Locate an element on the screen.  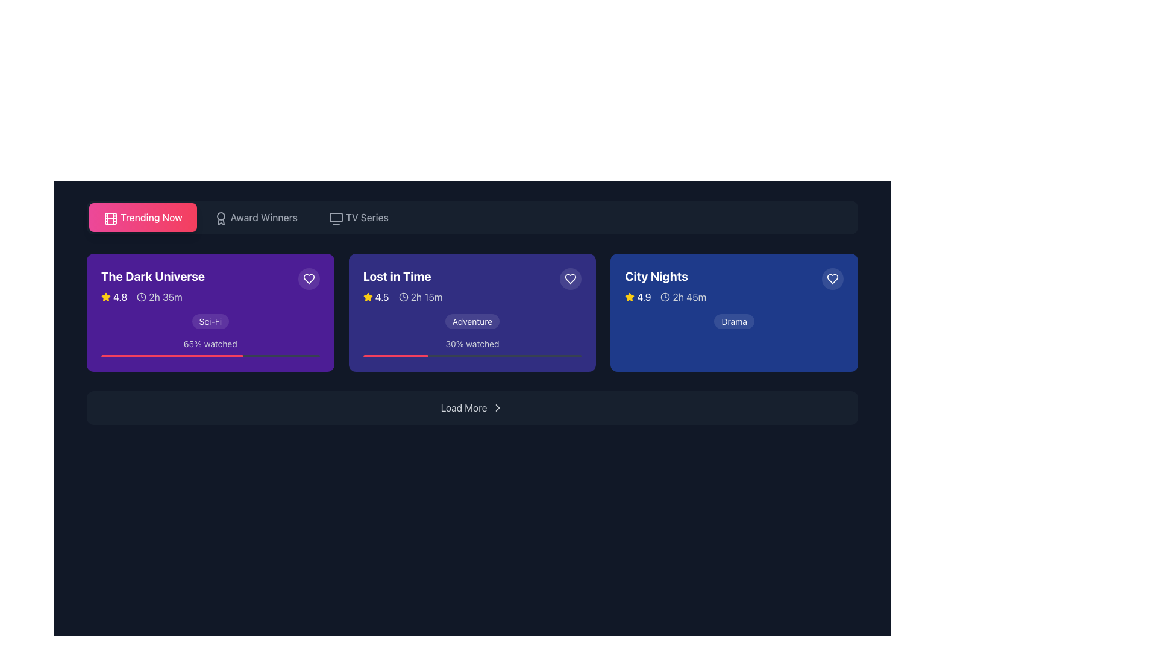
value of the Rating display component located in the top-left corner of the interface for the movie 'The Dark Universe' is located at coordinates (114, 297).